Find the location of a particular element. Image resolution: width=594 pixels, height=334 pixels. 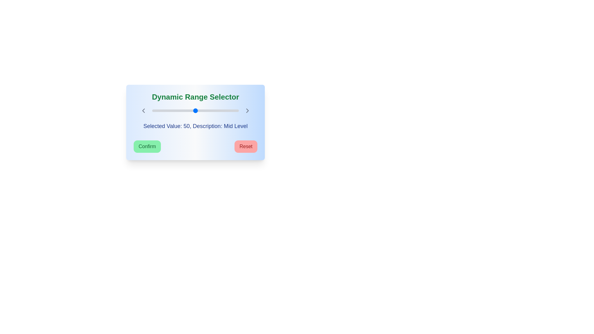

the slider is located at coordinates (208, 110).